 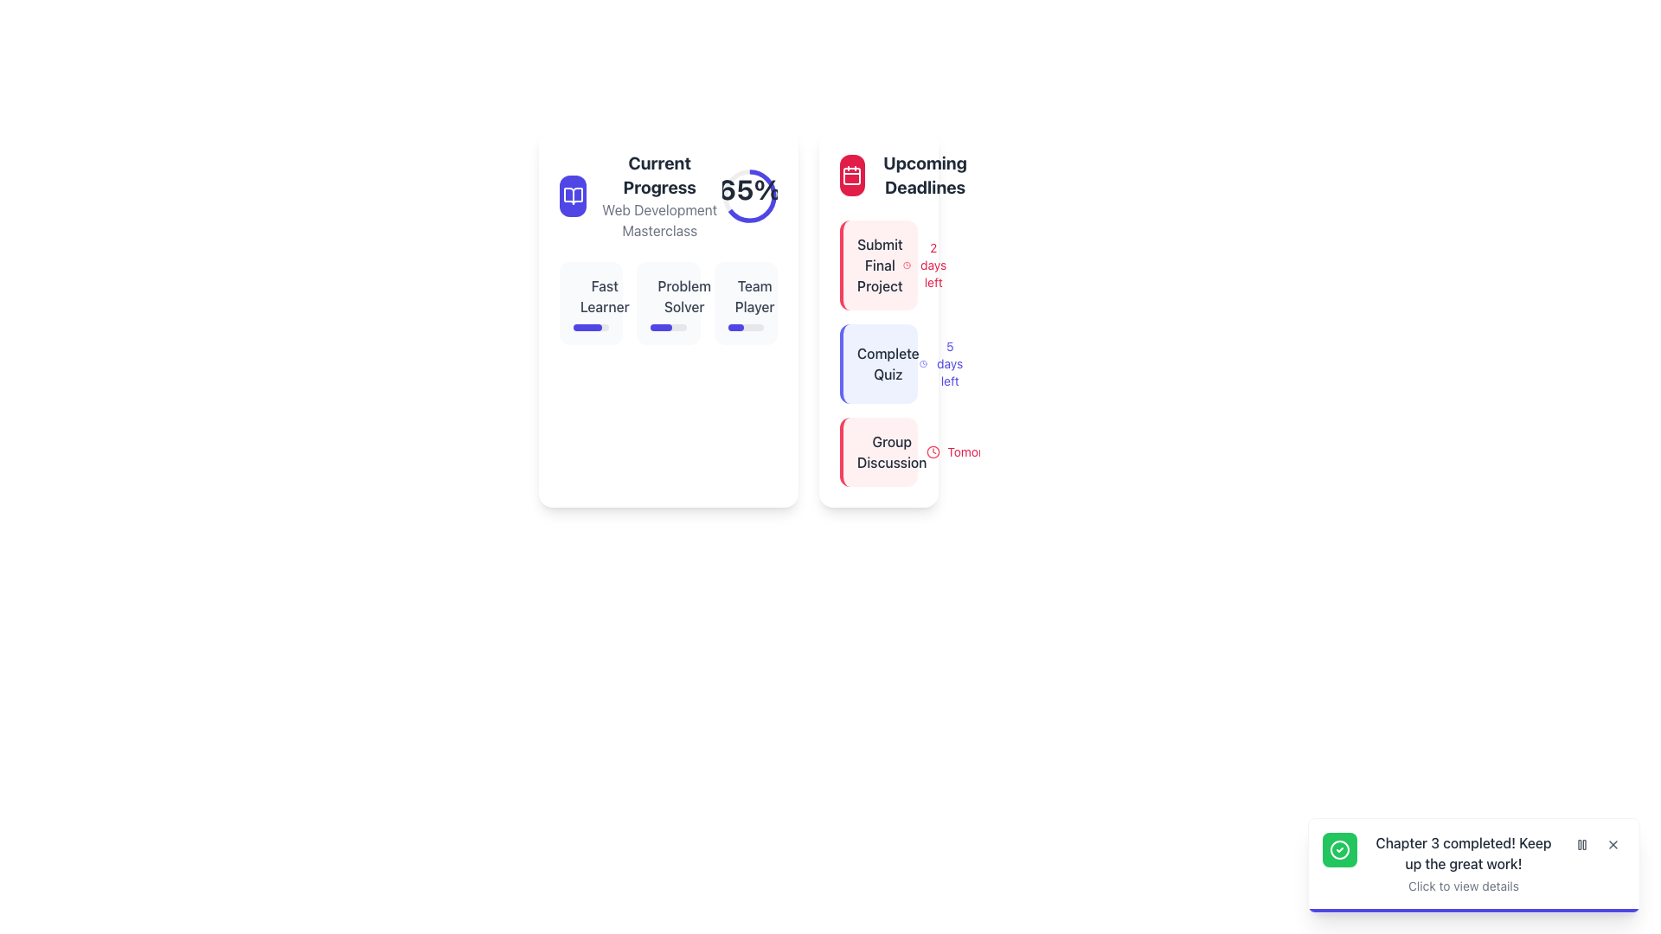 What do you see at coordinates (964, 451) in the screenshot?
I see `the text label displaying 'Tomorrow' in pinkish-red color, located in the 'Upcoming Deadlines' panel next to a clock icon` at bounding box center [964, 451].